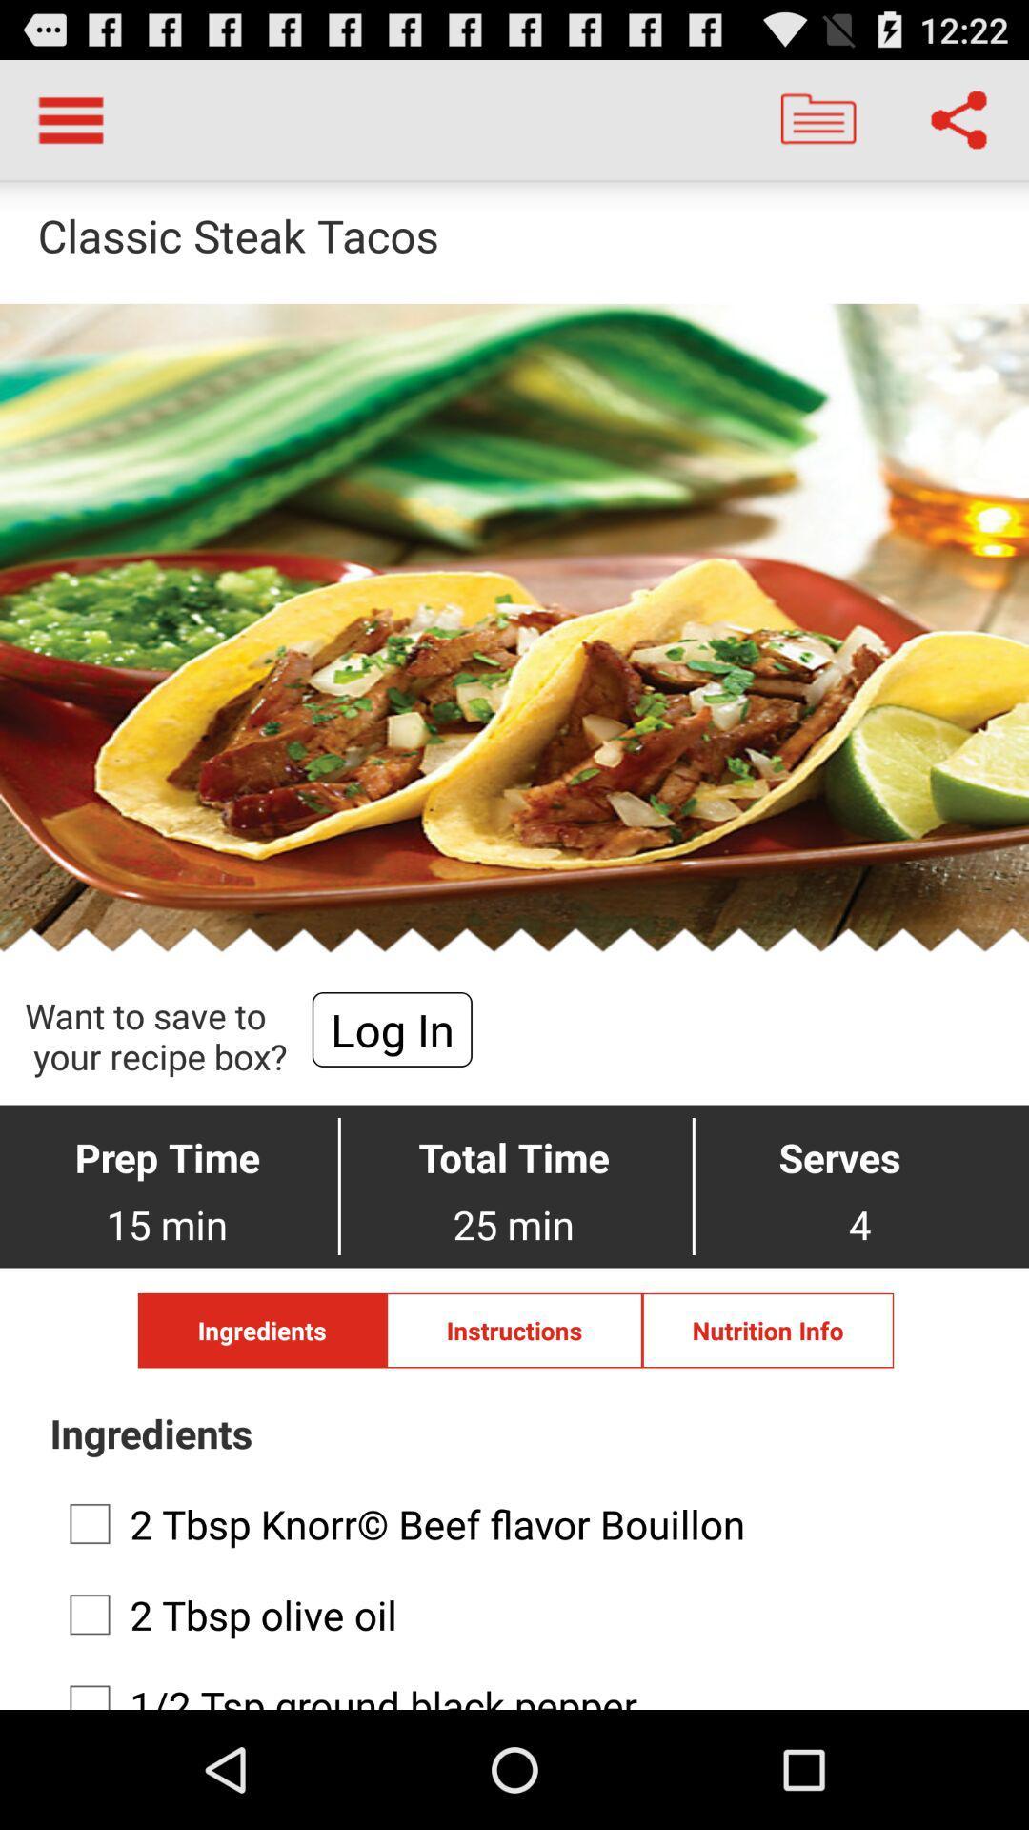 This screenshot has width=1029, height=1830. Describe the element at coordinates (391, 1028) in the screenshot. I see `log in` at that location.